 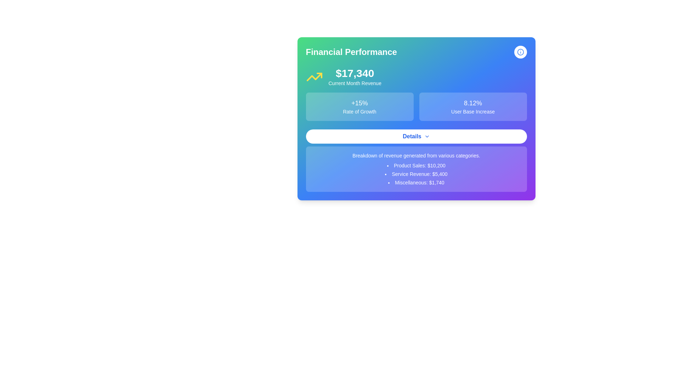 What do you see at coordinates (355, 77) in the screenshot?
I see `the Text Display that shows the current month's revenue, located at the upper-central part of the 'Financial Performance' card, below the yellow upward-trending arrow icon` at bounding box center [355, 77].